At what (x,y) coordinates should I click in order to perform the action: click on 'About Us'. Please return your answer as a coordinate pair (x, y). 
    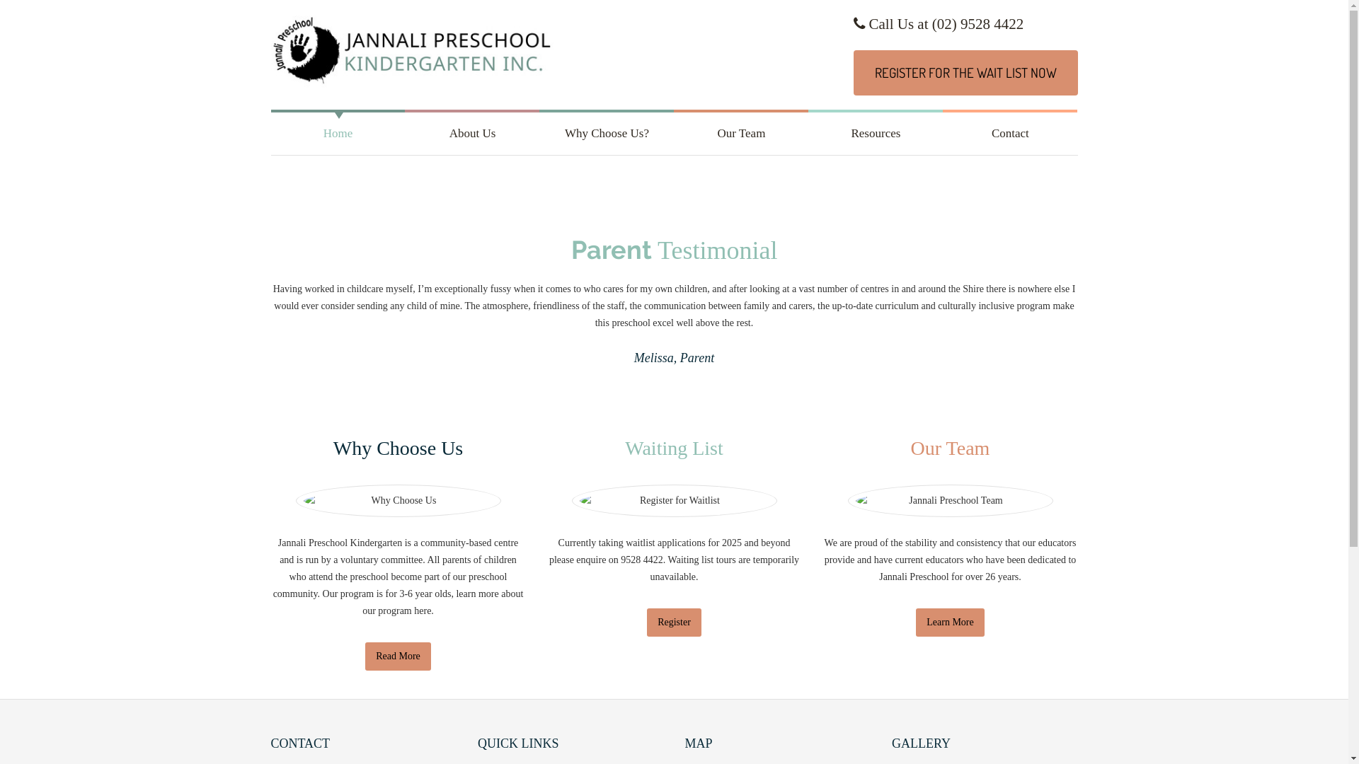
    Looking at the image, I should click on (472, 134).